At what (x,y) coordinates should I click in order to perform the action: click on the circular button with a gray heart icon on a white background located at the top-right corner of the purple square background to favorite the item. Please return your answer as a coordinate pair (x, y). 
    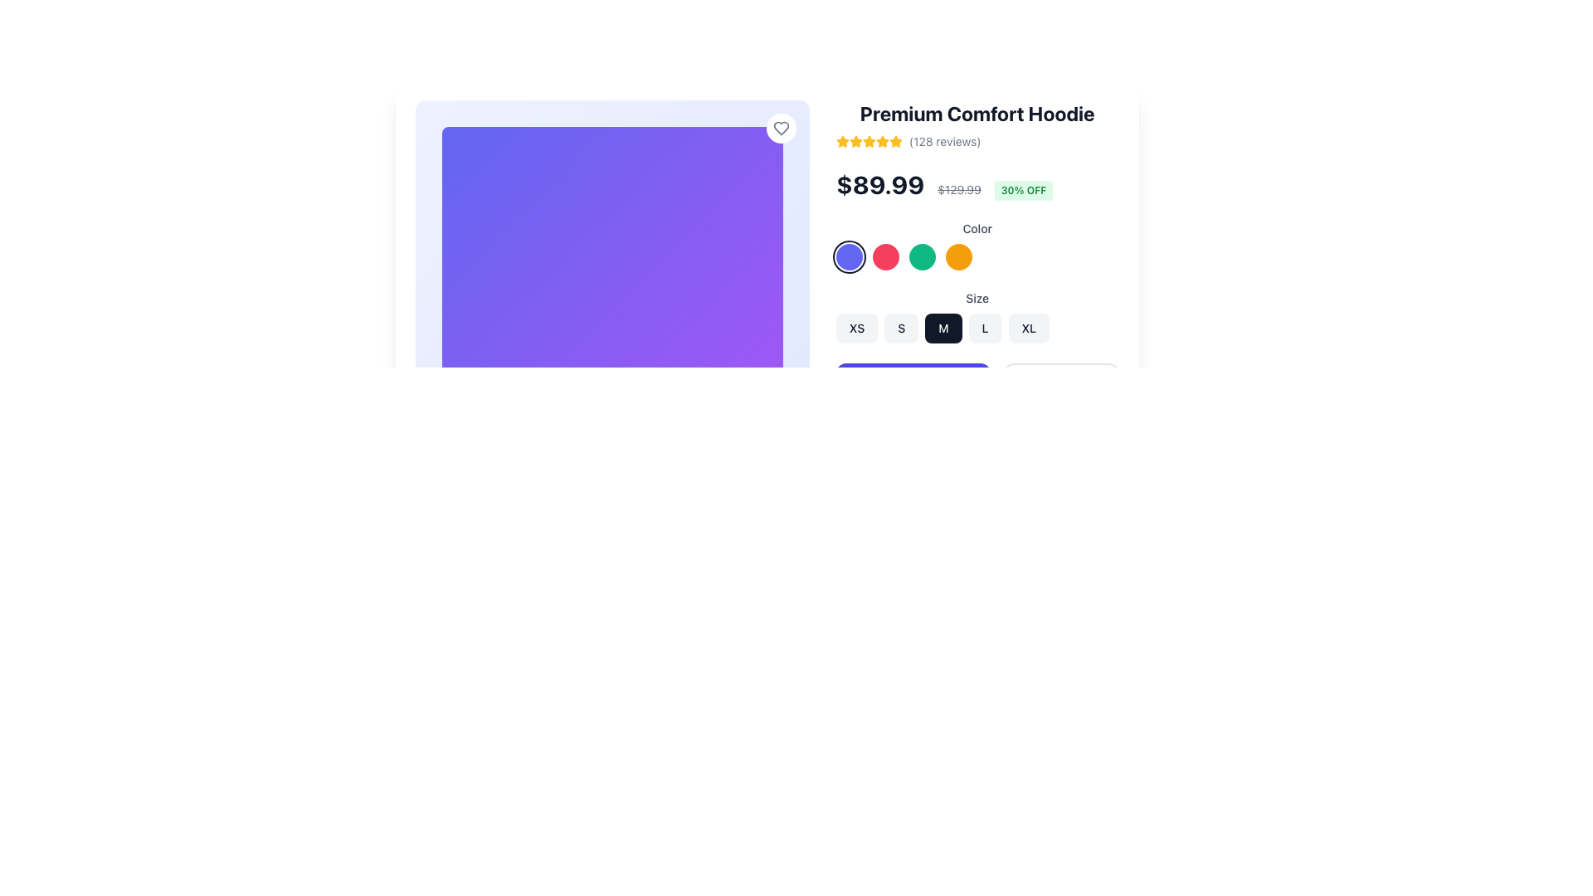
    Looking at the image, I should click on (780, 127).